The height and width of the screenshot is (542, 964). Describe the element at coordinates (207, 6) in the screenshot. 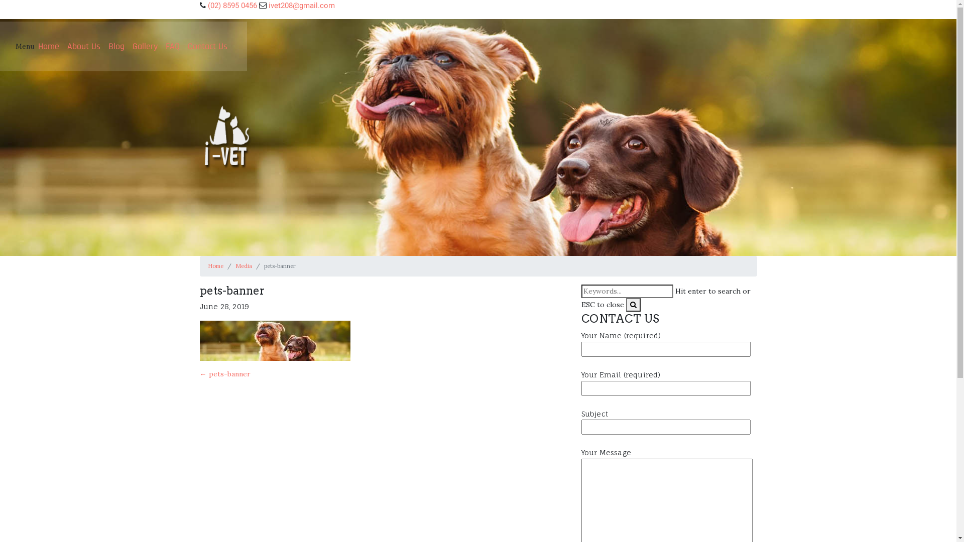

I see `'(02) 8595 0456'` at that location.